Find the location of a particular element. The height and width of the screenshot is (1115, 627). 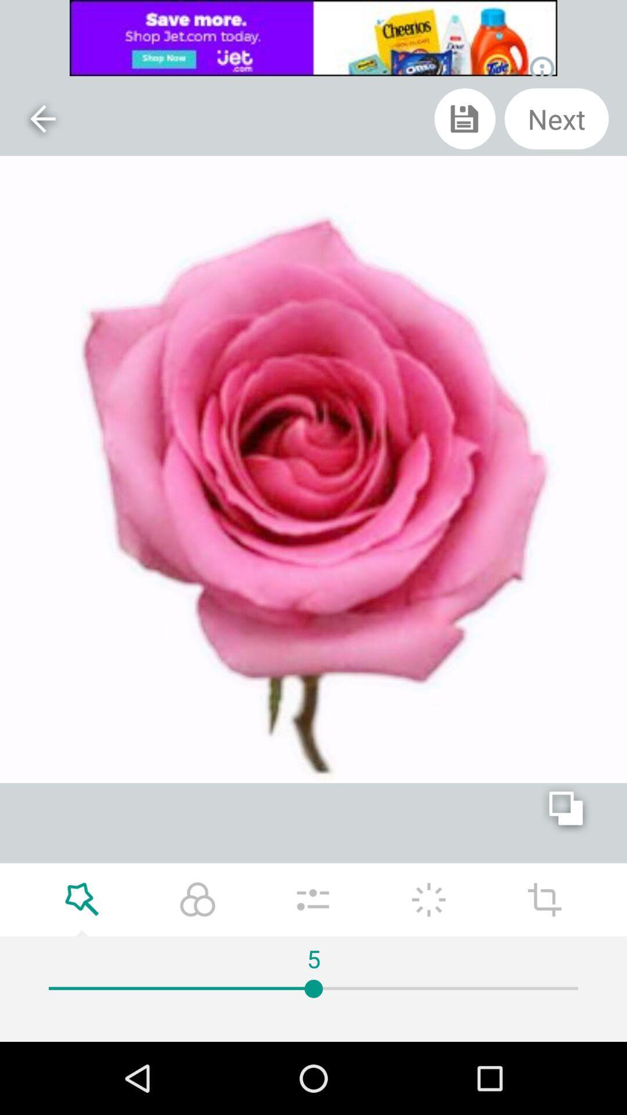

the save icon is located at coordinates (464, 118).